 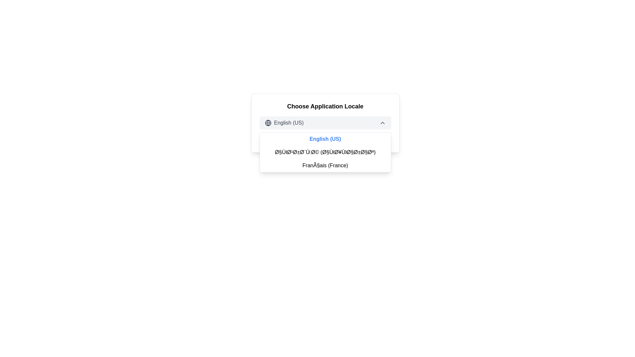 I want to click on the third item in the language selection dropdown menu, so click(x=325, y=165).